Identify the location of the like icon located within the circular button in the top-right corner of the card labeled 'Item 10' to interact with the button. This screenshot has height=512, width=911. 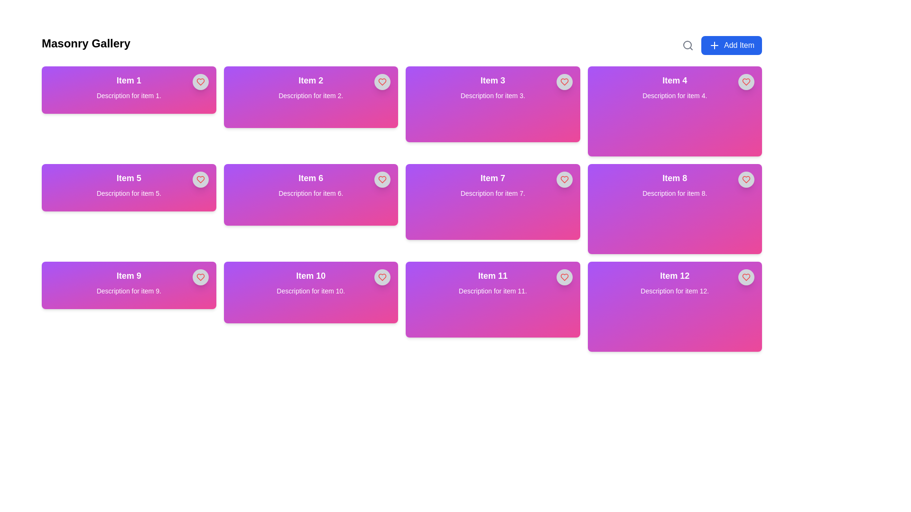
(382, 277).